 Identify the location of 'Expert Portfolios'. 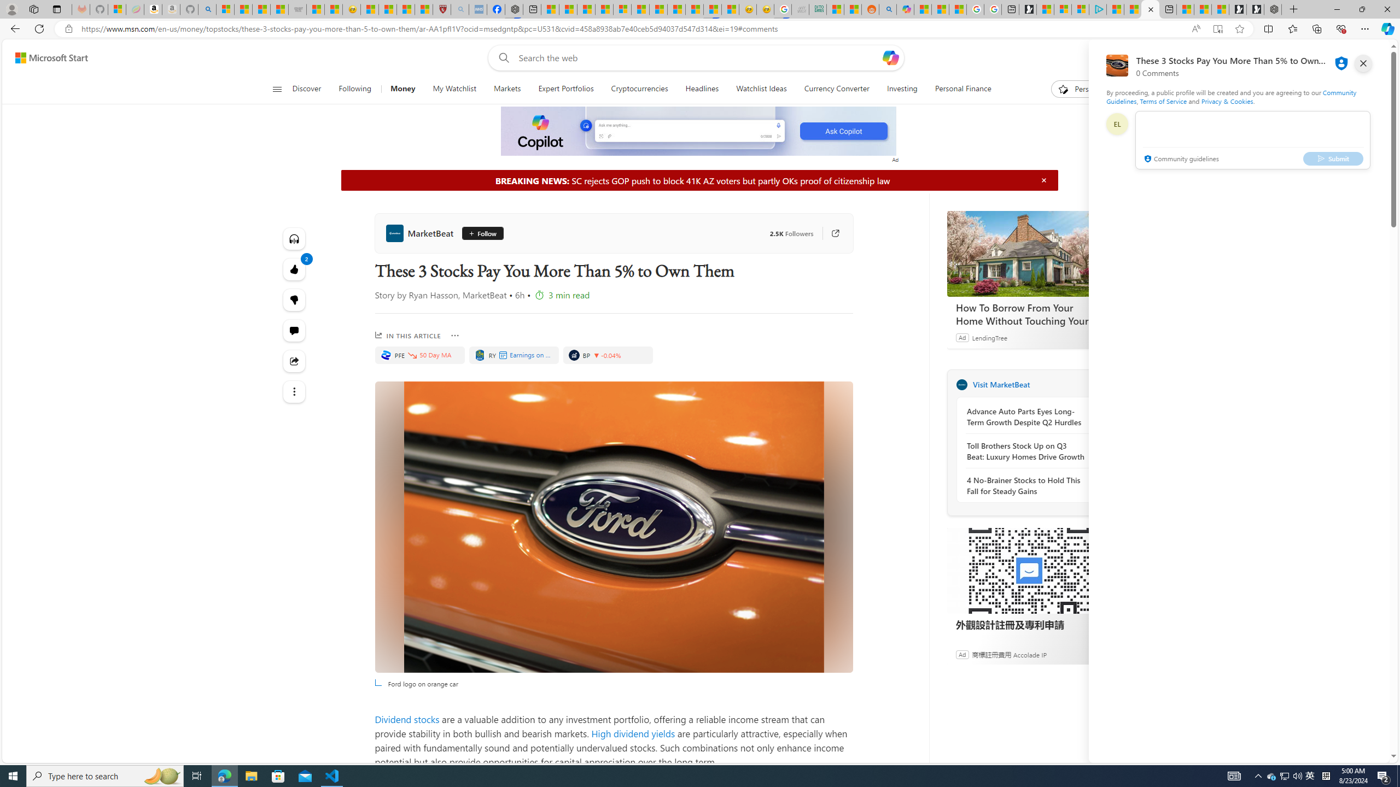
(565, 89).